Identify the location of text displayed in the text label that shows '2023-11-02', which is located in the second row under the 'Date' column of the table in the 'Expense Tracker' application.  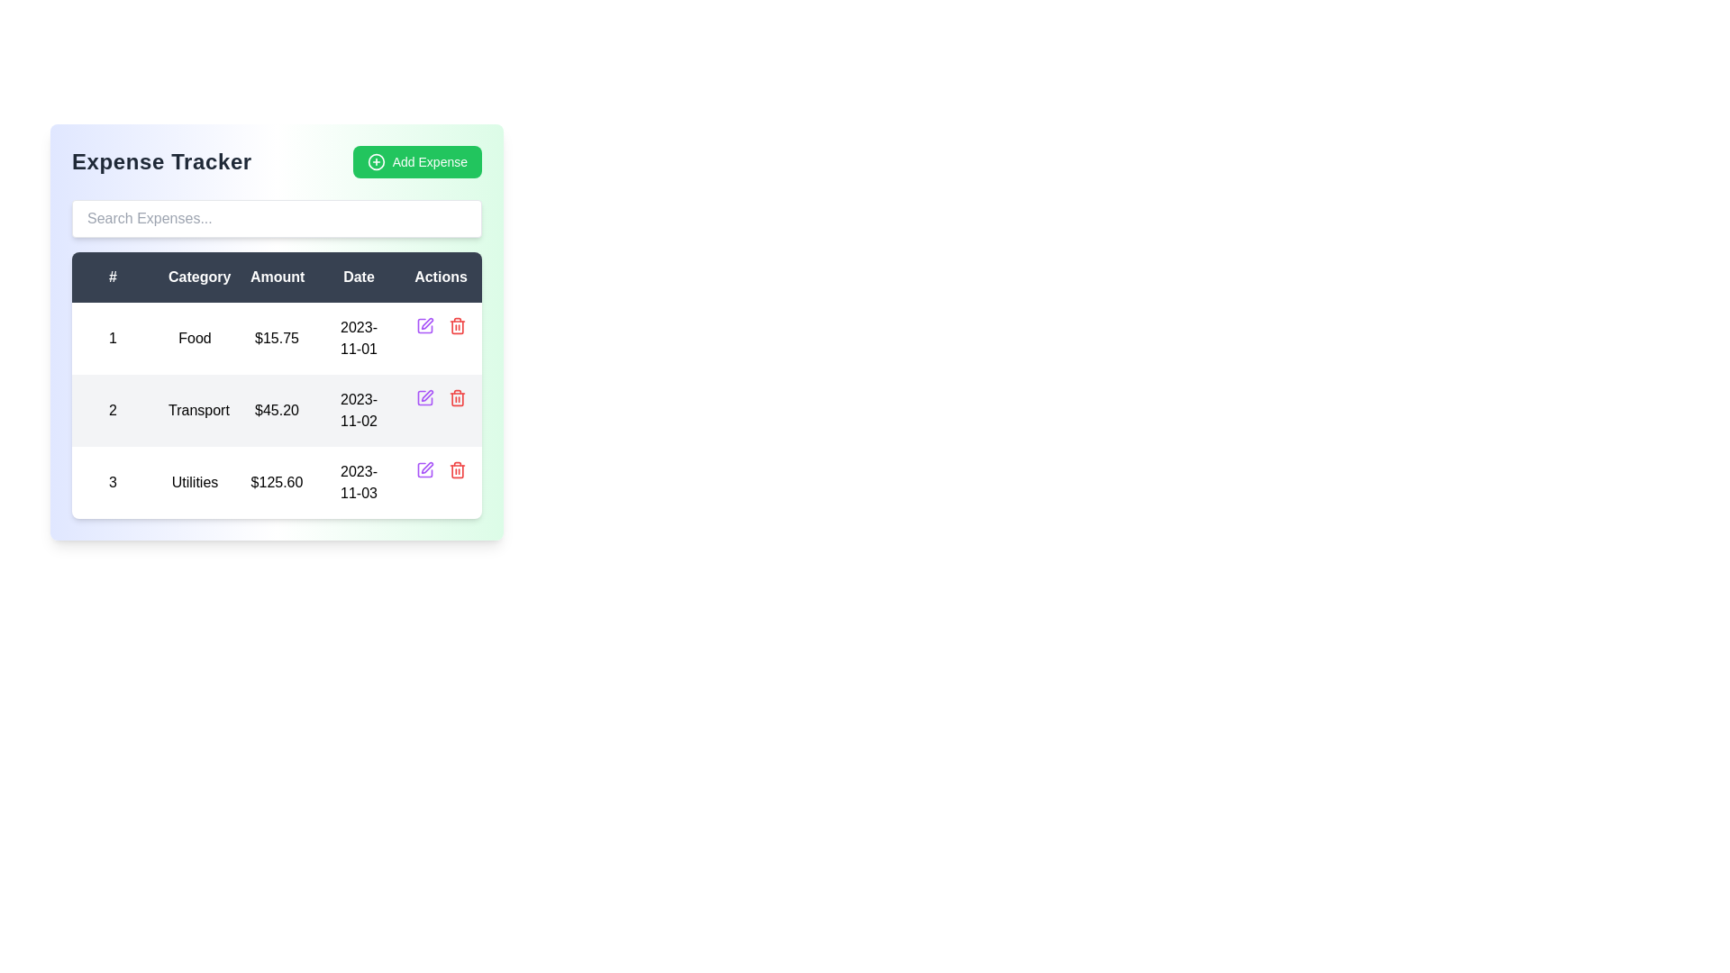
(359, 410).